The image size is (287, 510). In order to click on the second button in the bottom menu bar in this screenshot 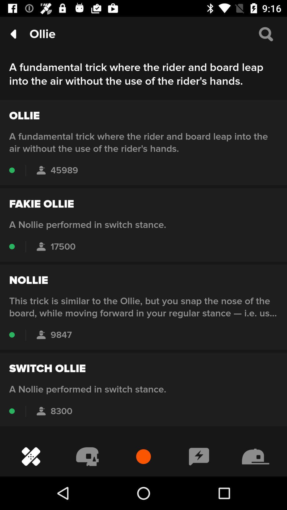, I will do `click(87, 456)`.